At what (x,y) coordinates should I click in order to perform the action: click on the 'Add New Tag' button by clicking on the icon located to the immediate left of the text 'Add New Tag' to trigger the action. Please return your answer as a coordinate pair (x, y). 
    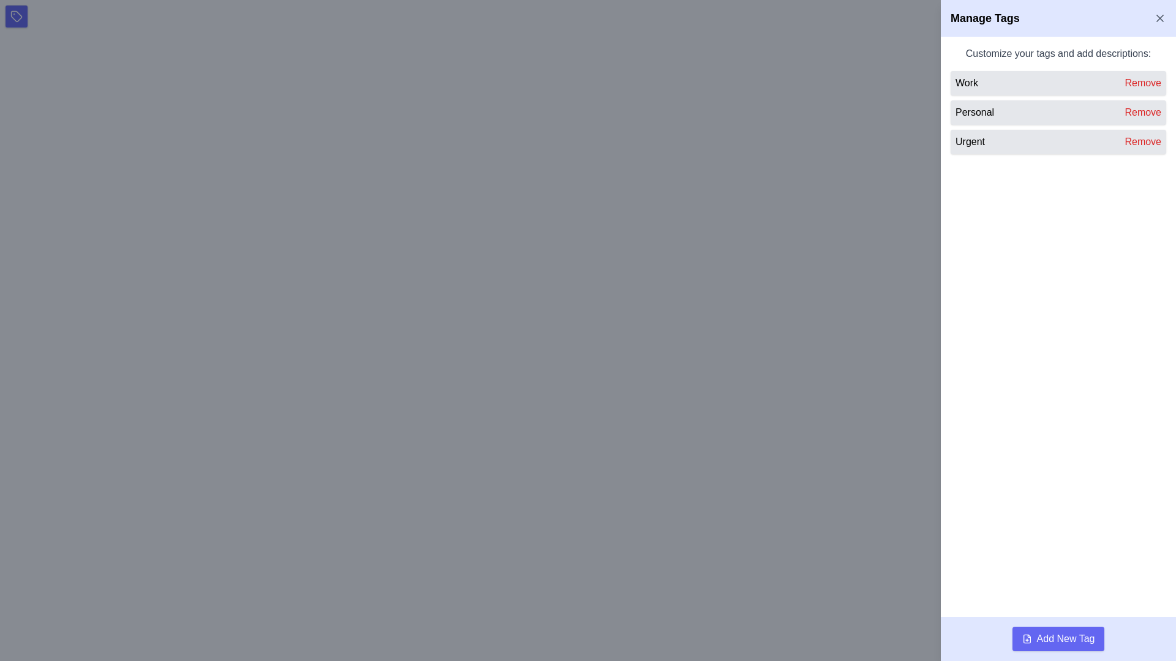
    Looking at the image, I should click on (1027, 638).